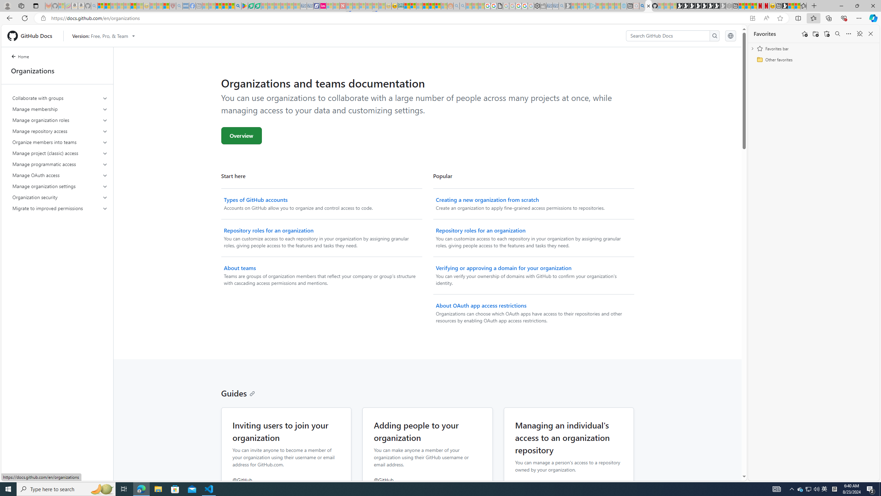  What do you see at coordinates (60, 131) in the screenshot?
I see `'Manage repository access'` at bounding box center [60, 131].